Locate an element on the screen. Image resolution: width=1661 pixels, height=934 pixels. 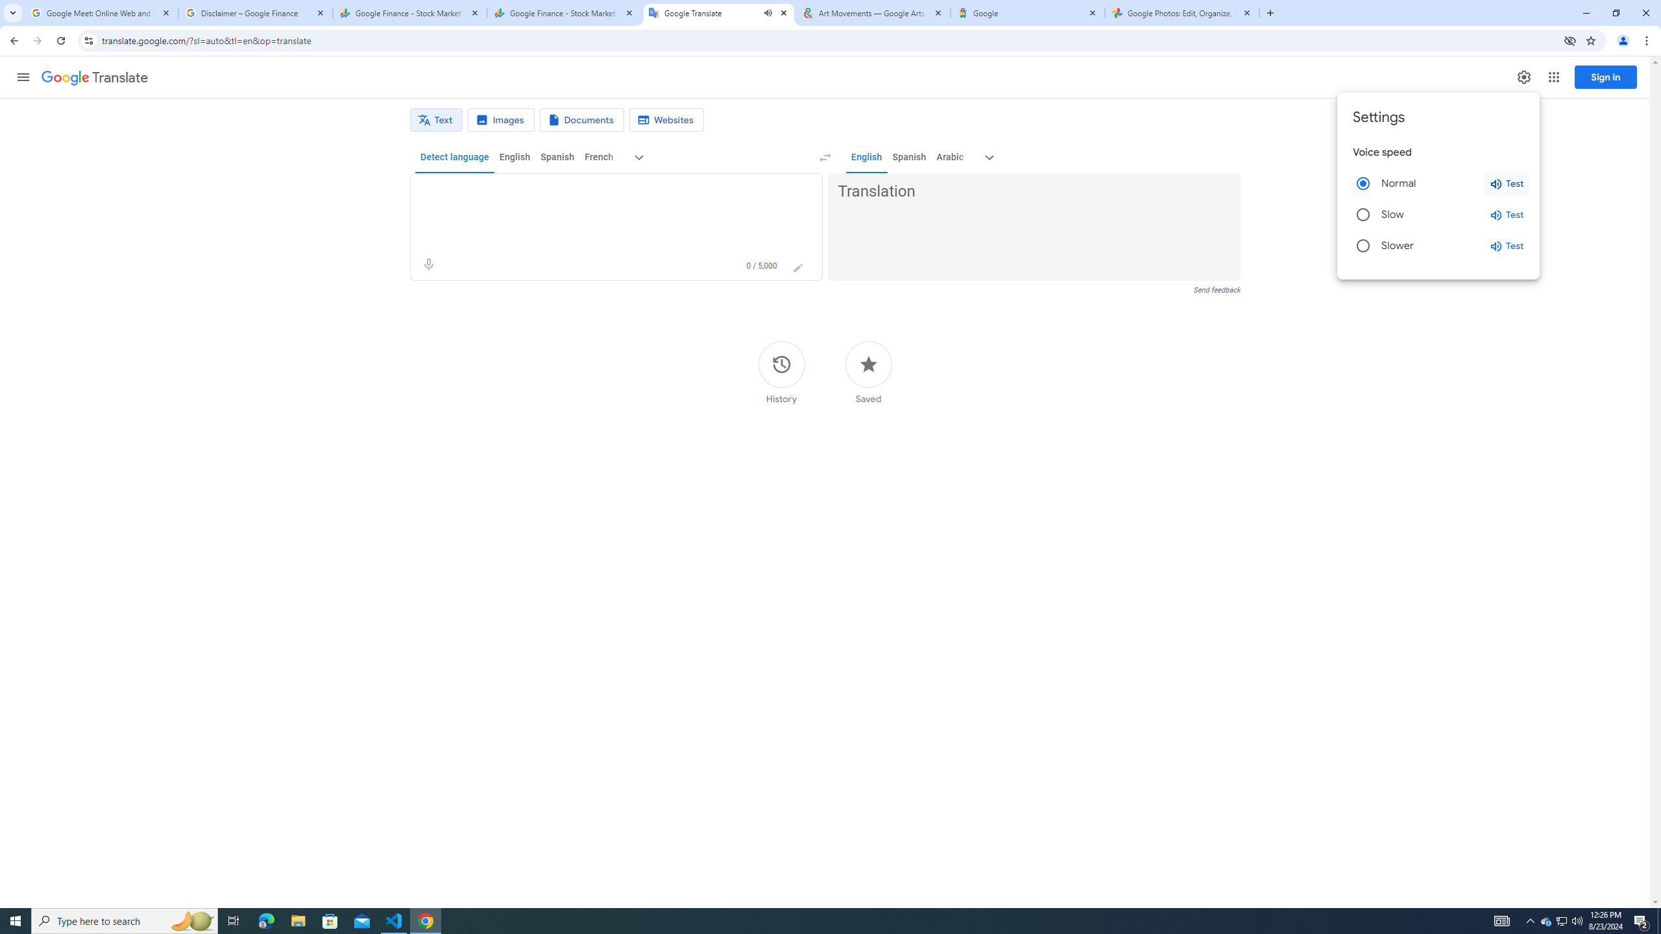
'0 of 5,000 characters used' is located at coordinates (761, 265).